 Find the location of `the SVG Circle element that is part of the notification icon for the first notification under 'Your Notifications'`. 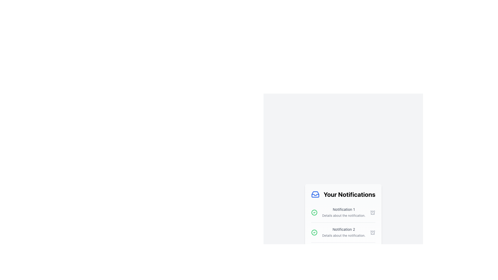

the SVG Circle element that is part of the notification icon for the first notification under 'Your Notifications' is located at coordinates (314, 232).